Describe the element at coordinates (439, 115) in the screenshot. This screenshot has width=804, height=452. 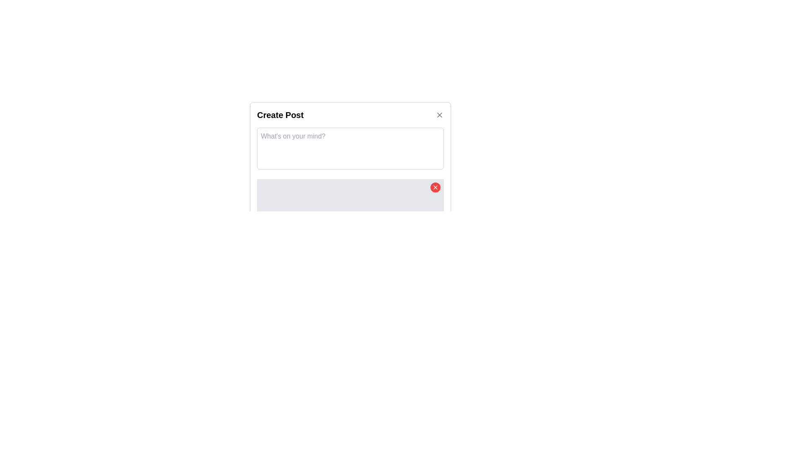
I see `the gray 'X' close icon in the top-right corner of the 'Create Post' header` at that location.